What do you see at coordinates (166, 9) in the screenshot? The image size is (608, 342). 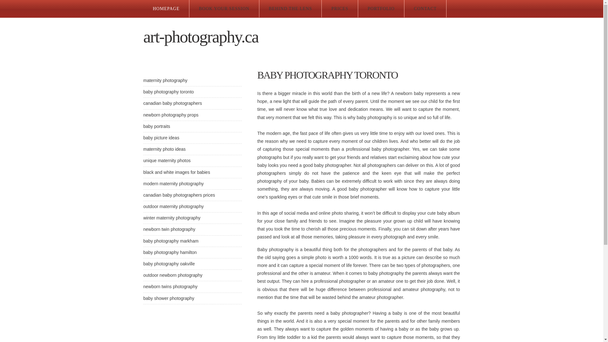 I see `'HOMEPAGE'` at bounding box center [166, 9].